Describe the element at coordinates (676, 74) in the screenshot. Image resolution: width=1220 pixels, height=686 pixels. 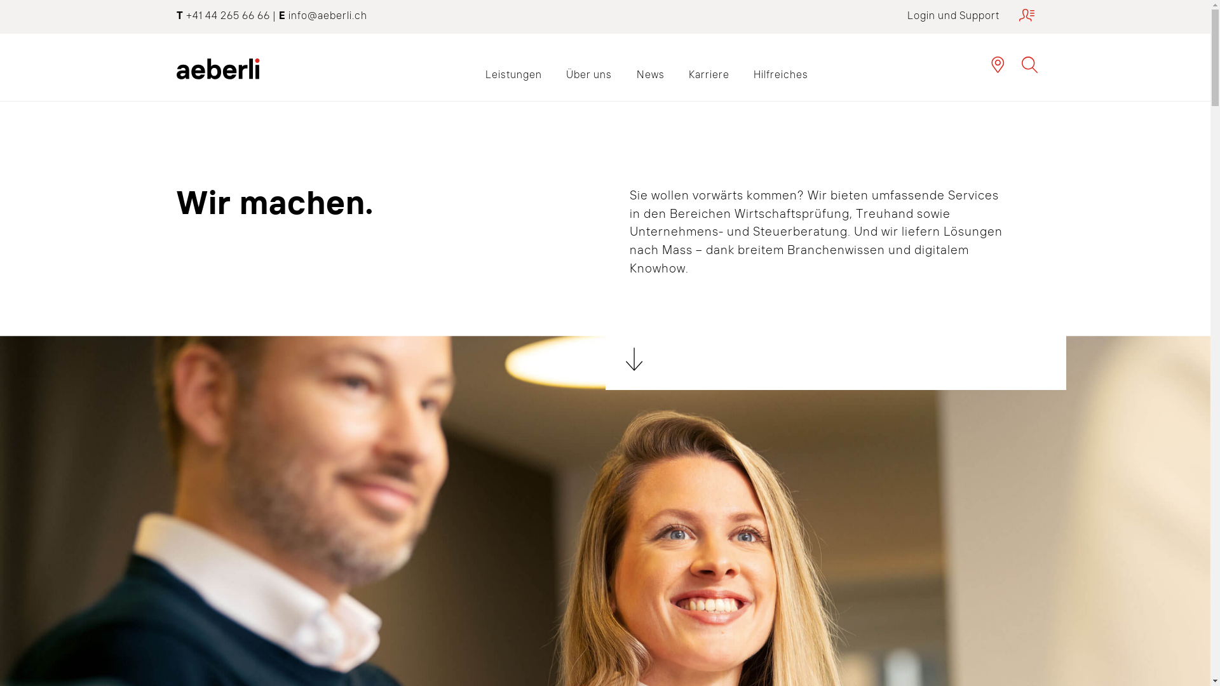
I see `'Karriere'` at that location.